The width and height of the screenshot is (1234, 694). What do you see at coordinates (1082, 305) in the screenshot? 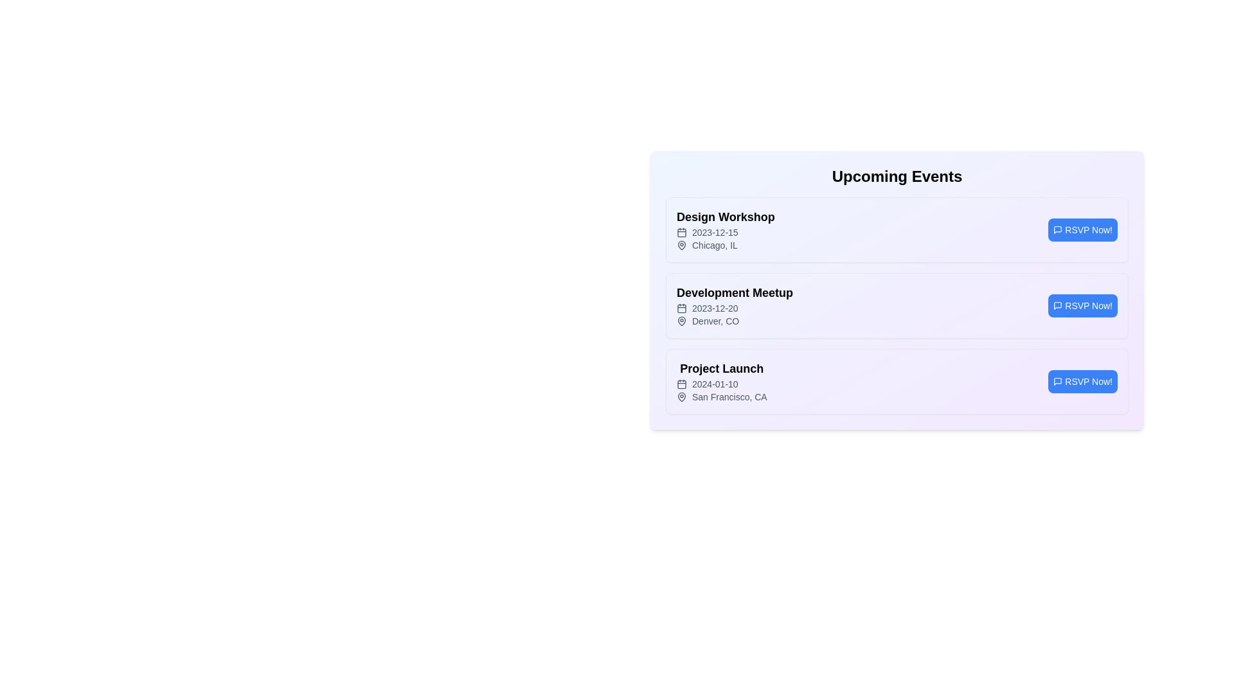
I see `the RSVP button for the event titled 'Development Meetup'` at bounding box center [1082, 305].